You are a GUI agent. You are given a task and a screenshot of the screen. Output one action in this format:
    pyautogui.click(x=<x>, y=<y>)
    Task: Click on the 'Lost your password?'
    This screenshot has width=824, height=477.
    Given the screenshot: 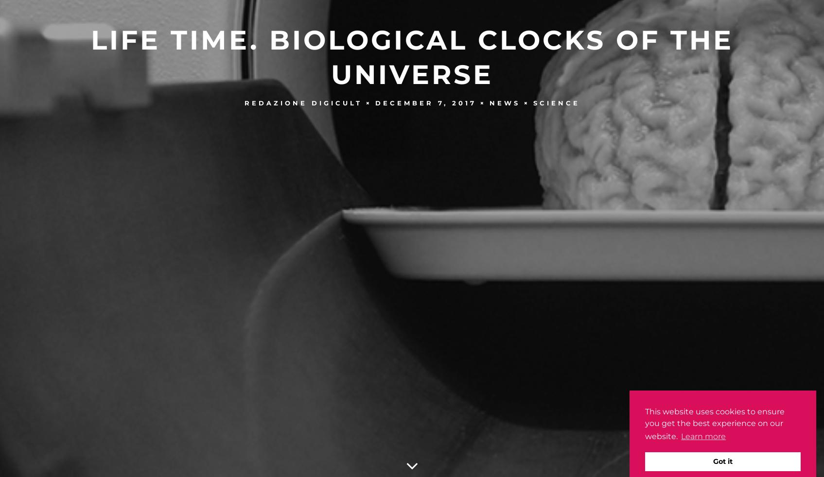 What is the action you would take?
    pyautogui.click(x=412, y=44)
    